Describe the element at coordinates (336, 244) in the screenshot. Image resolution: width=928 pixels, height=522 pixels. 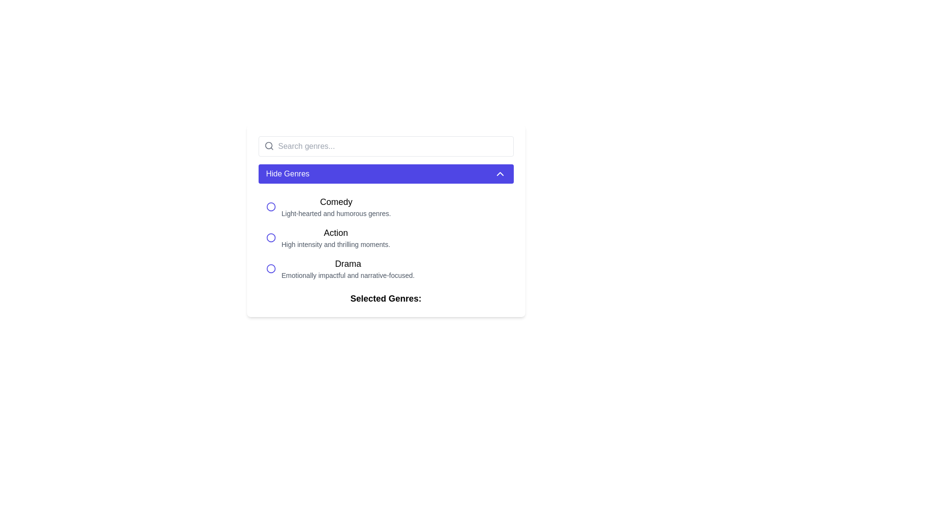
I see `the text element displaying 'High intensity and thrilling moments.' positioned below the 'Action' label in the genre selector` at that location.